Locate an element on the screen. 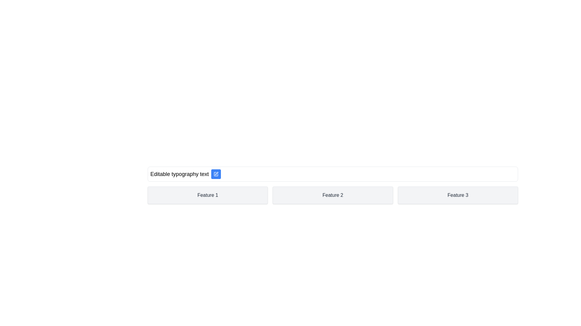  text of the third button labeled 'Feature 3', which is located on the far right within a horizontal row of buttons is located at coordinates (458, 195).